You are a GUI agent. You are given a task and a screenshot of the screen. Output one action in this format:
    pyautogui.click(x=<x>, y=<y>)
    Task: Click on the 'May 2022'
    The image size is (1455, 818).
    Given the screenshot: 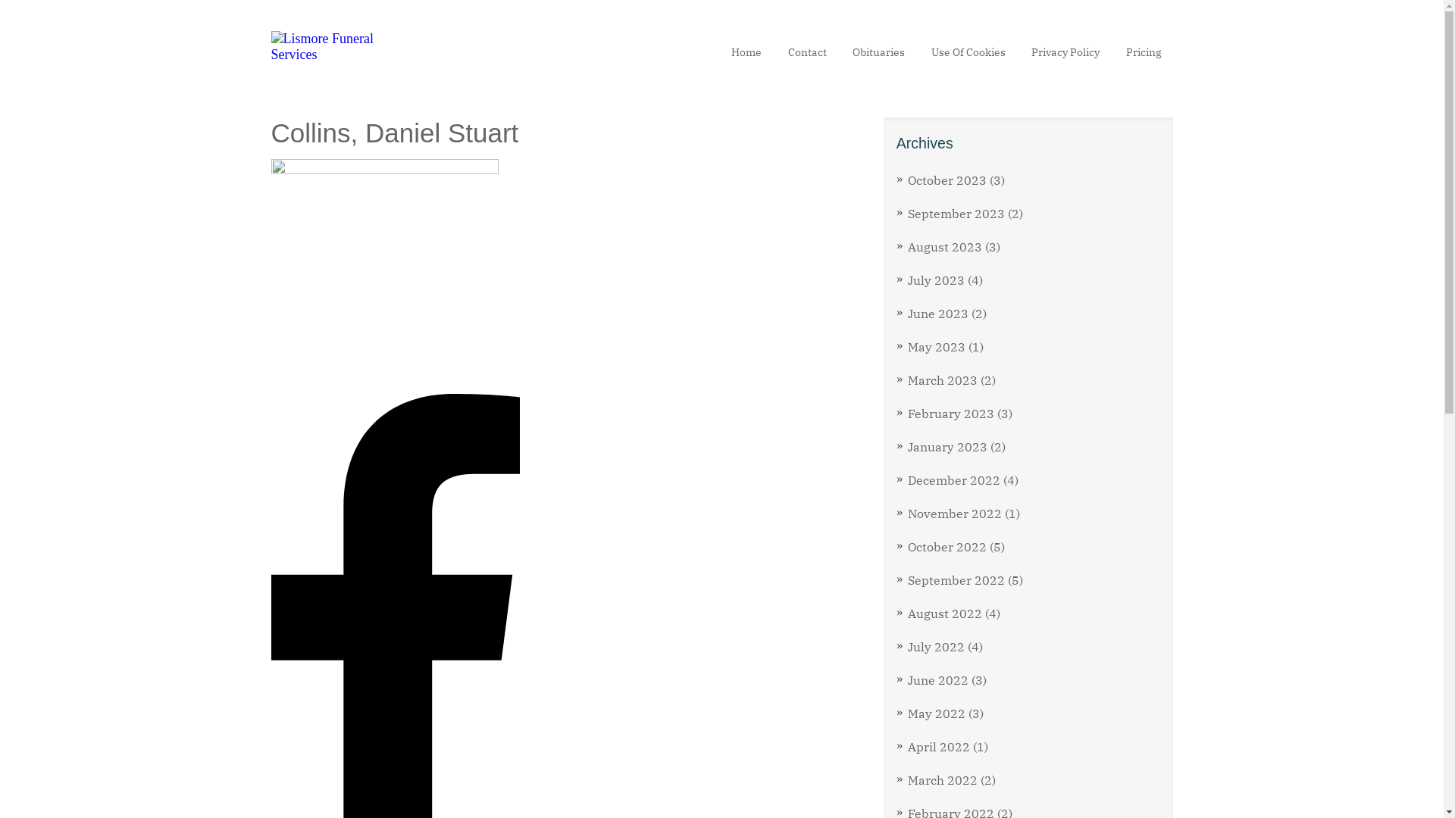 What is the action you would take?
    pyautogui.click(x=936, y=713)
    